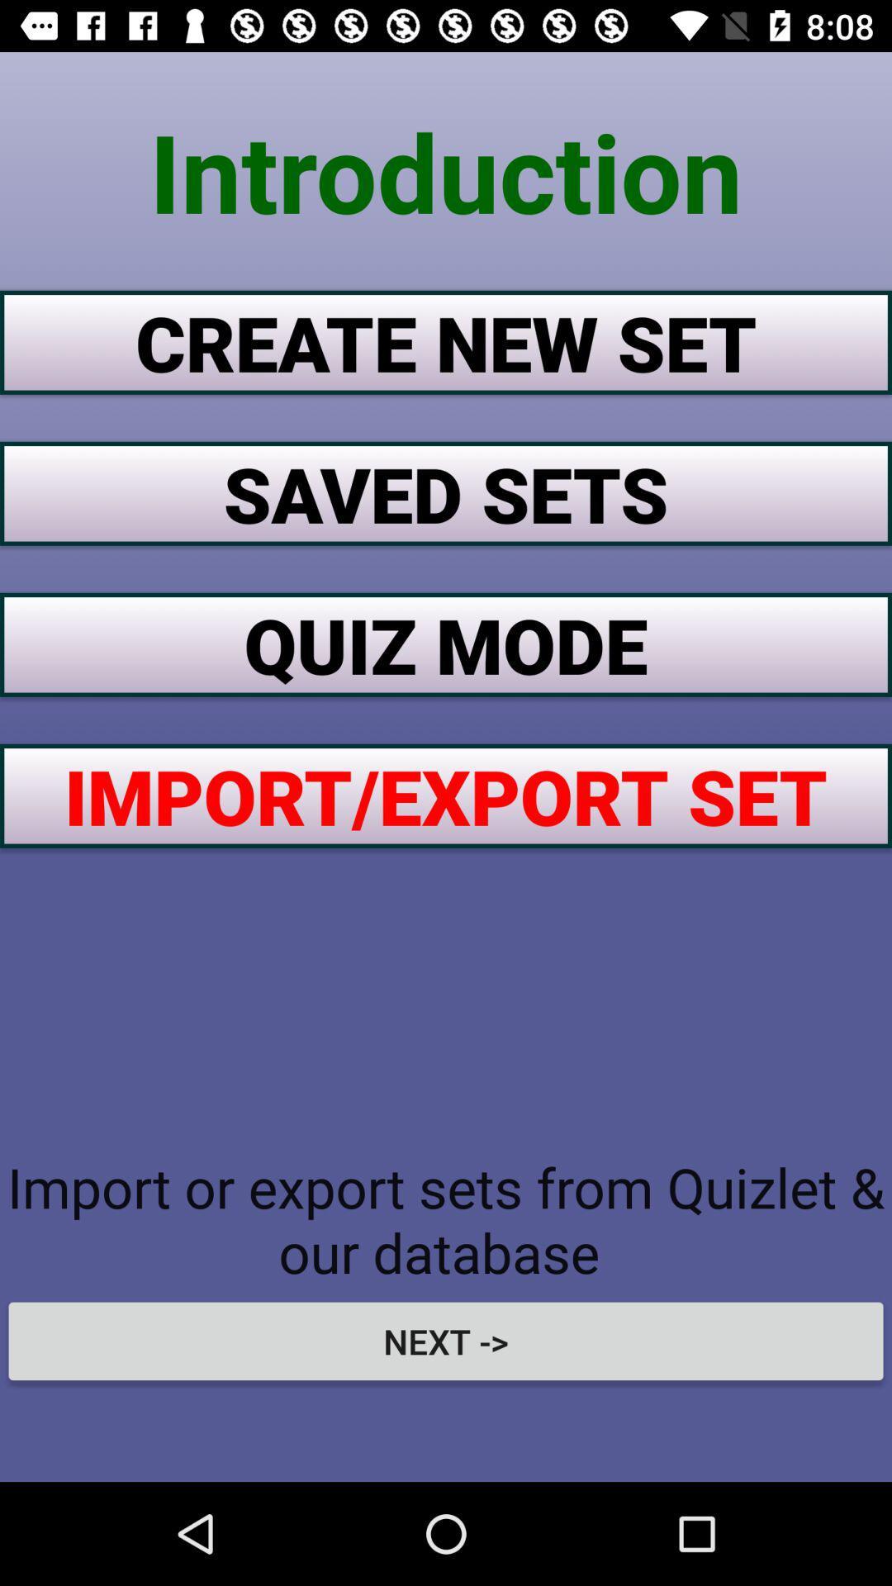 The image size is (892, 1586). I want to click on the next ->, so click(446, 1341).